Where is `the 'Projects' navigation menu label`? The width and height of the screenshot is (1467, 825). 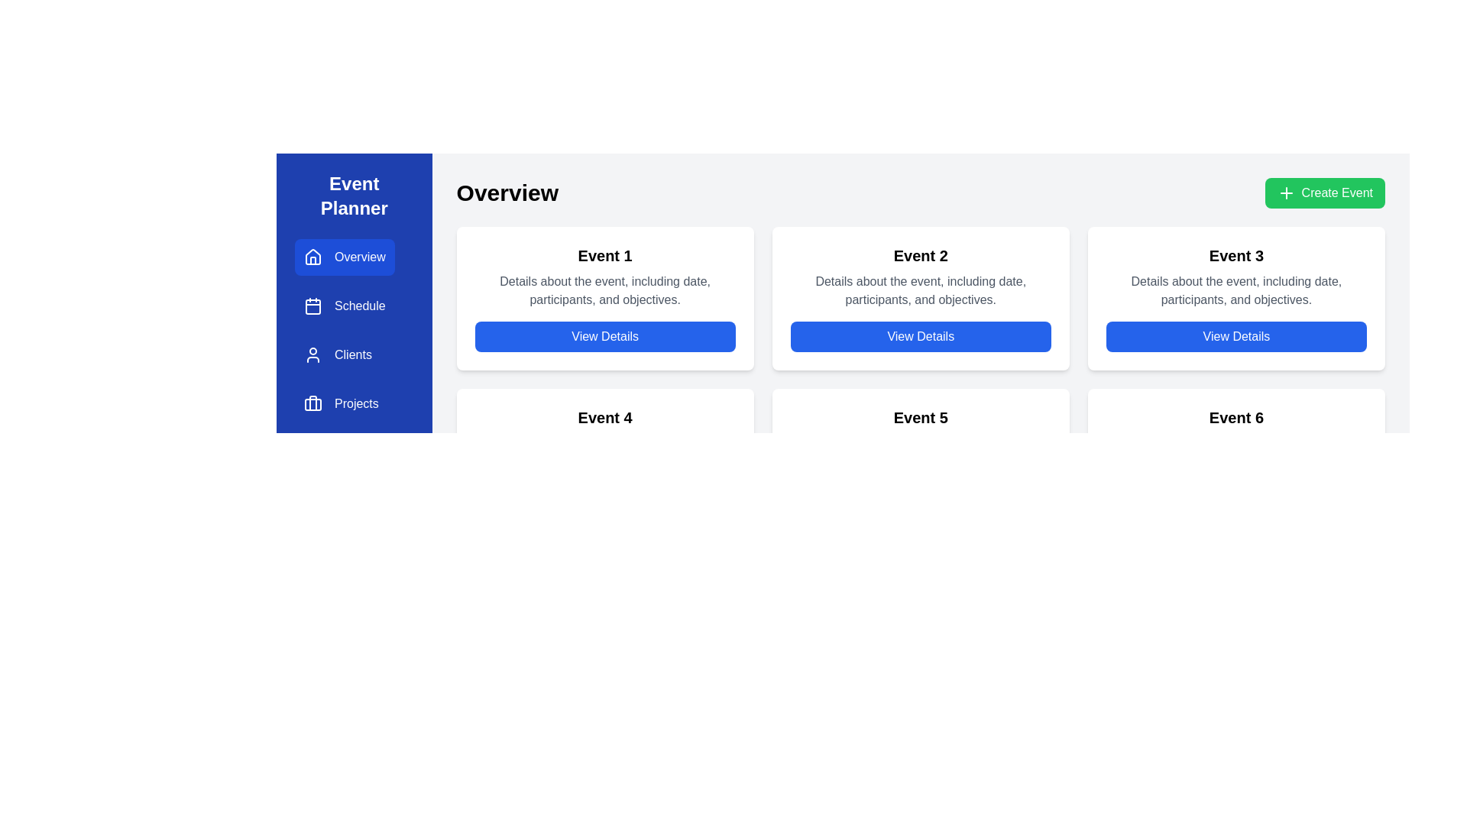
the 'Projects' navigation menu label is located at coordinates (355, 403).